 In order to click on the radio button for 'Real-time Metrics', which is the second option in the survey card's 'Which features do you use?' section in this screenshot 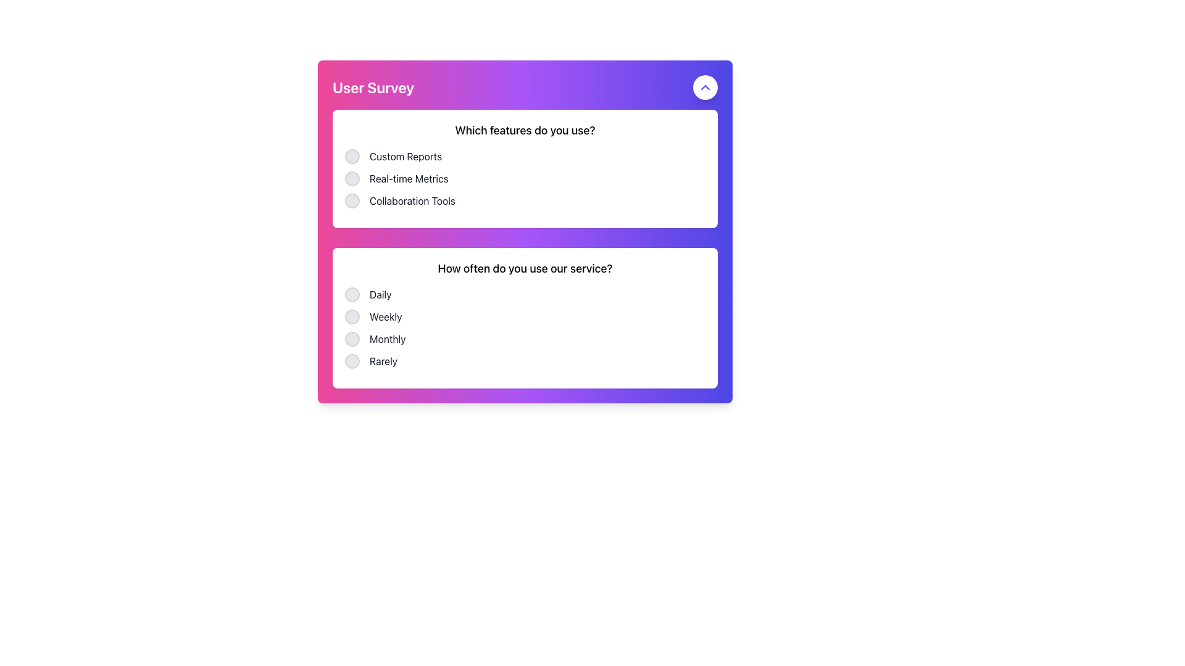, I will do `click(352, 178)`.